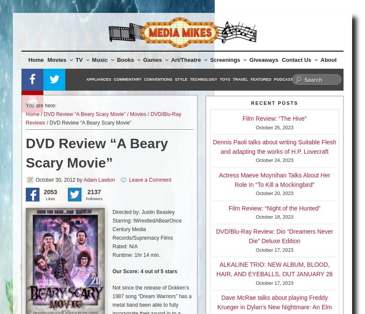 This screenshot has width=365, height=314. Describe the element at coordinates (50, 192) in the screenshot. I see `'2053'` at that location.